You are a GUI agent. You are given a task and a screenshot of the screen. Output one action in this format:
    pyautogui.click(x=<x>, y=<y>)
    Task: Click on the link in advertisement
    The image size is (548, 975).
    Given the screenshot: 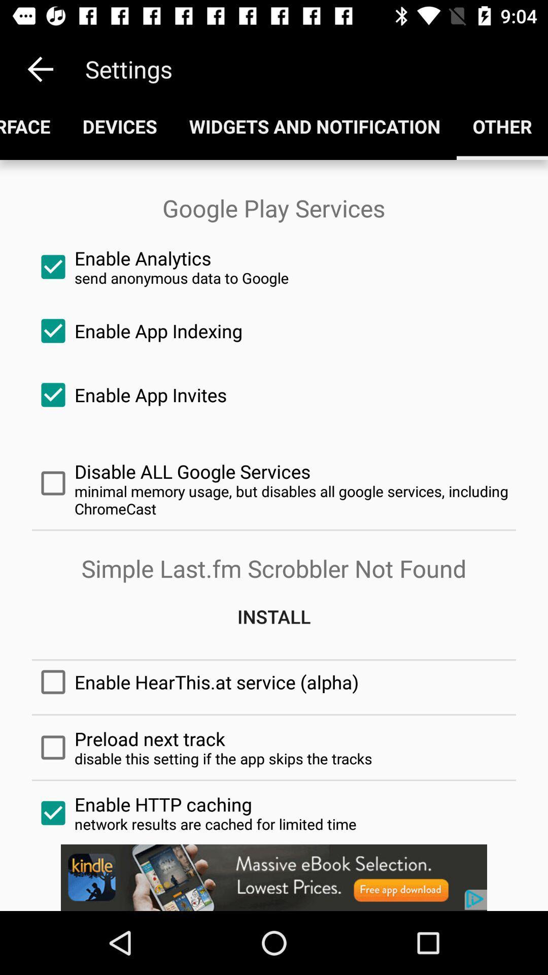 What is the action you would take?
    pyautogui.click(x=274, y=877)
    